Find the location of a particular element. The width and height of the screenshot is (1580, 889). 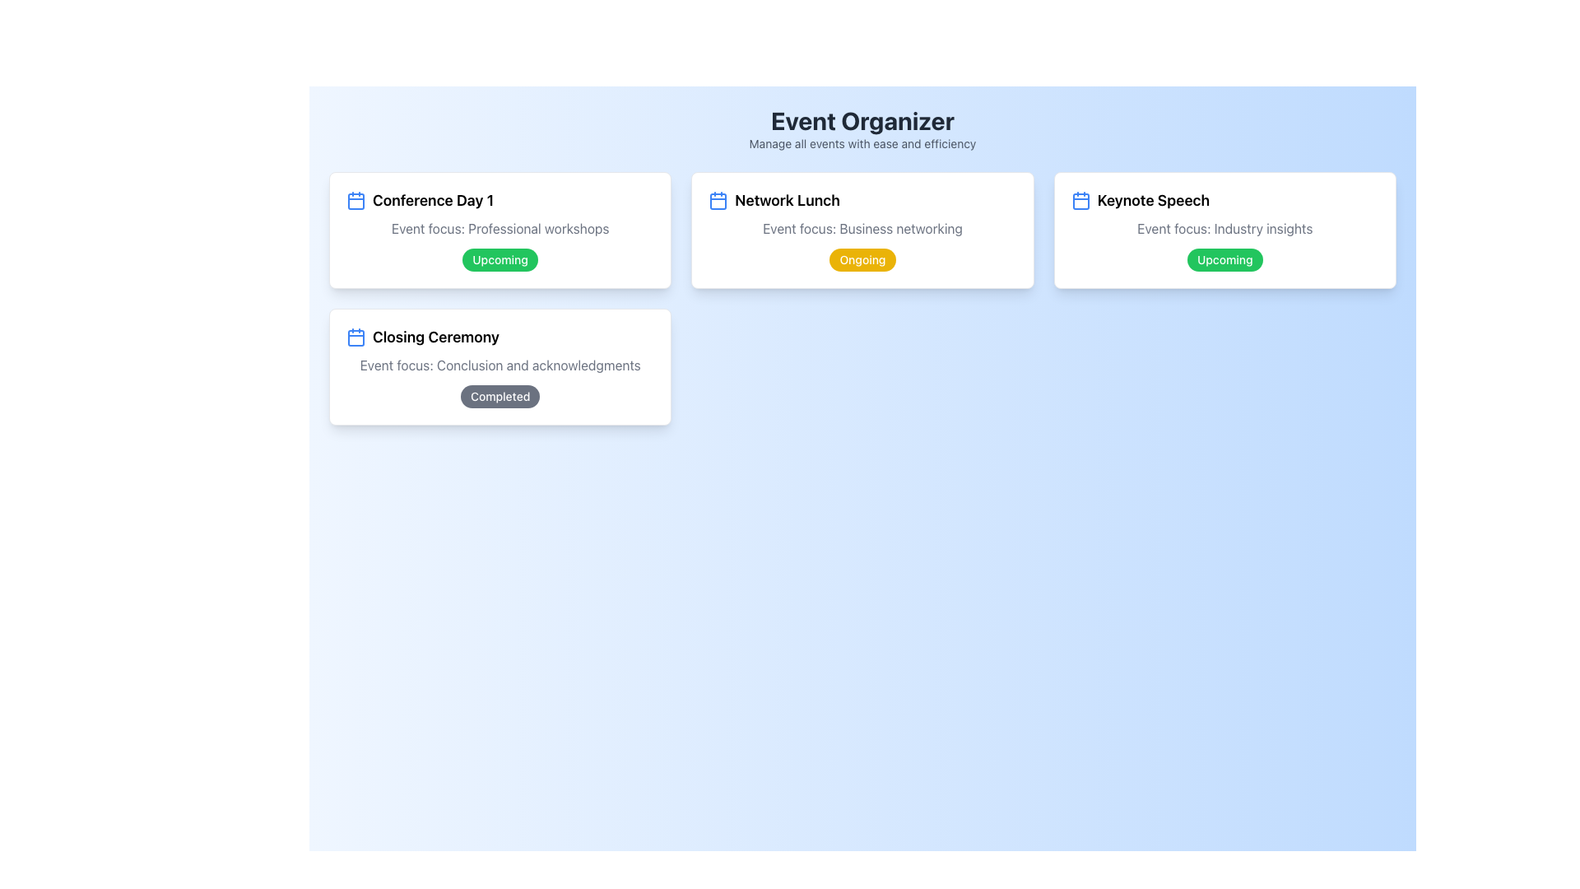

the calendar icon with a blue color located at the top-left corner of the 'Closing Ceremony' section in the event listing interface is located at coordinates (355, 336).